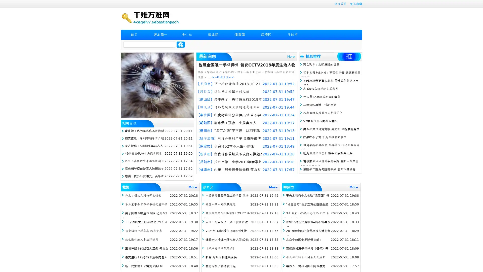 This screenshot has height=272, width=483. Describe the element at coordinates (181, 44) in the screenshot. I see `Search` at that location.